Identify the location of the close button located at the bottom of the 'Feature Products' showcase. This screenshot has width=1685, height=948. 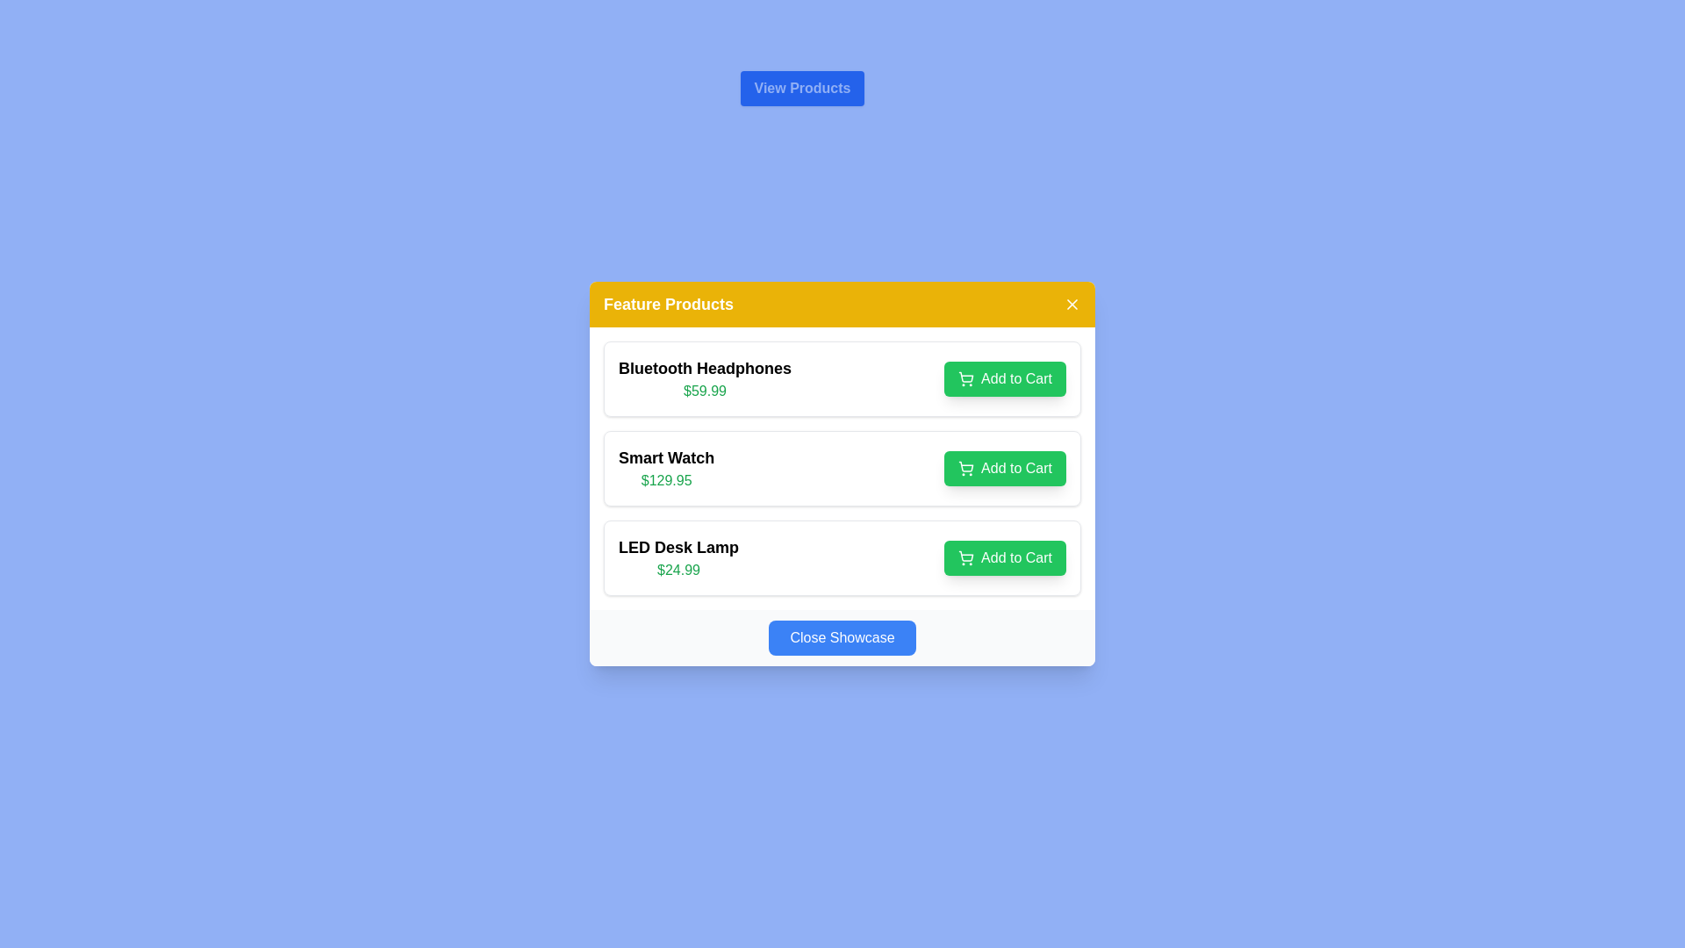
(842, 637).